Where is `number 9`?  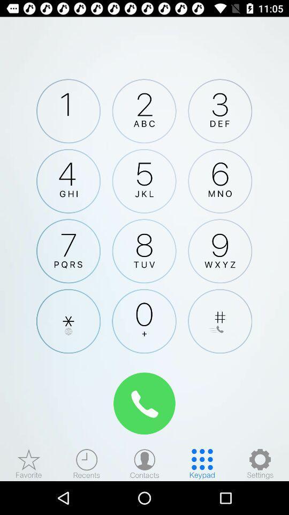
number 9 is located at coordinates (219, 251).